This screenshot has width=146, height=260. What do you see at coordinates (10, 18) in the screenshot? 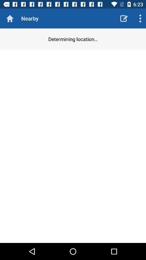
I see `home` at bounding box center [10, 18].